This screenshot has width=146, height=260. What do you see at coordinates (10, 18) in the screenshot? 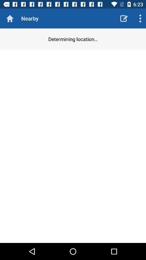
I see `home` at bounding box center [10, 18].